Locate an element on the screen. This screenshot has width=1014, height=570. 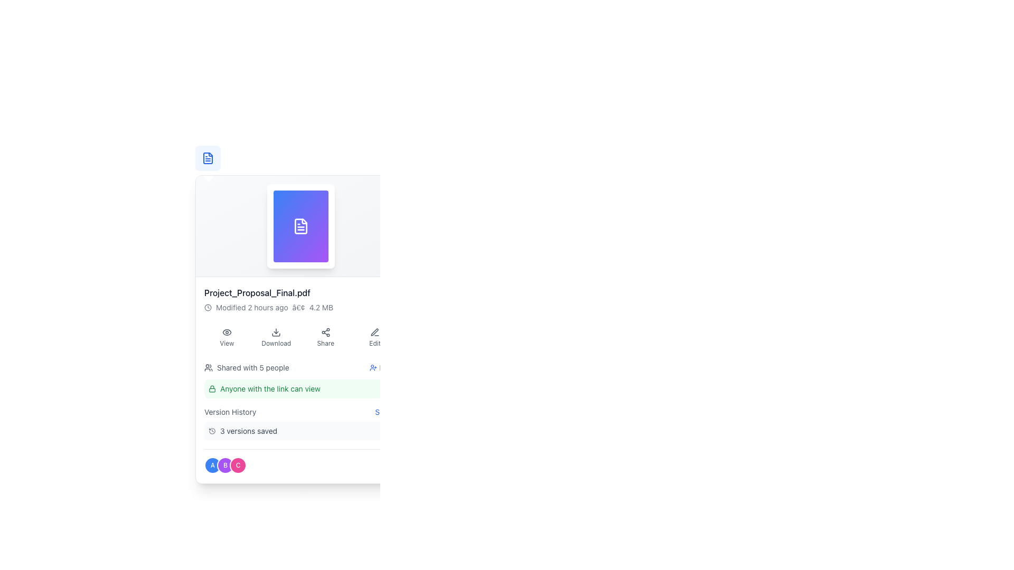
the outer stroke of the eye-shaped icon, which represents visibility or preview functionality, located towards the top-right section of the interface is located at coordinates (226, 331).